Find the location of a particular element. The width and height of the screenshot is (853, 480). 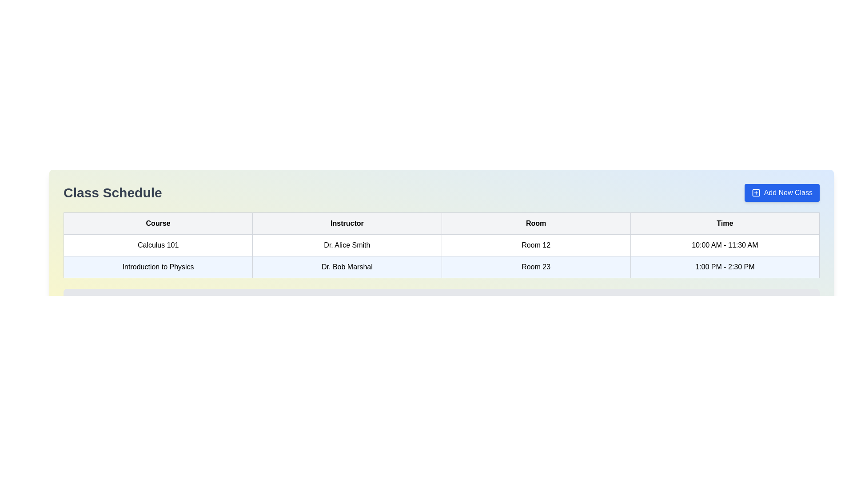

the Text label displaying the room number for the 'Introduction to Physics' class, located in the third column of the corresponding row in the table is located at coordinates (535, 267).